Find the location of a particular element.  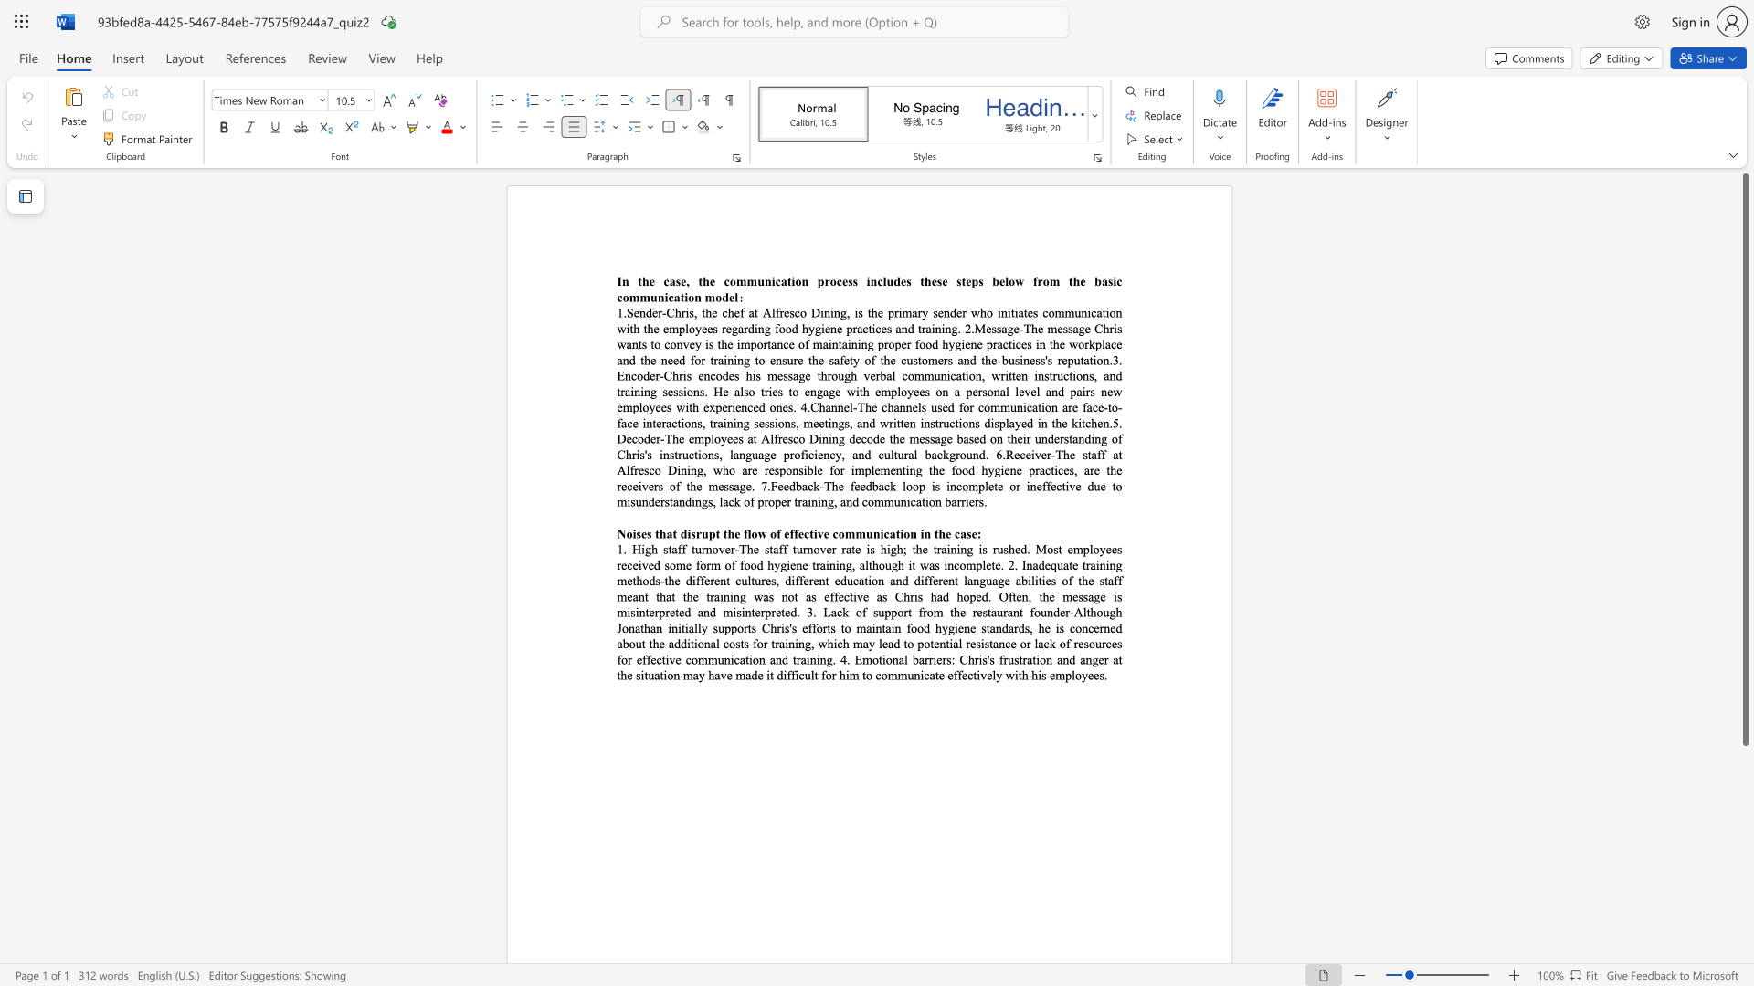

the 1th character "-" in the text is located at coordinates (820, 485).